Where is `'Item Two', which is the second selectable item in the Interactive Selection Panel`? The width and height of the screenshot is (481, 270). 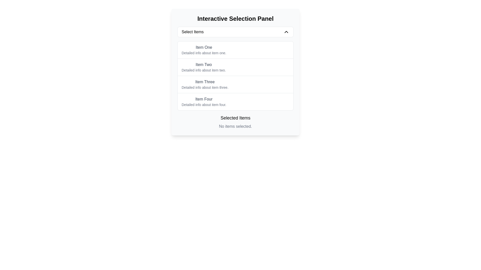 'Item Two', which is the second selectable item in the Interactive Selection Panel is located at coordinates (235, 66).